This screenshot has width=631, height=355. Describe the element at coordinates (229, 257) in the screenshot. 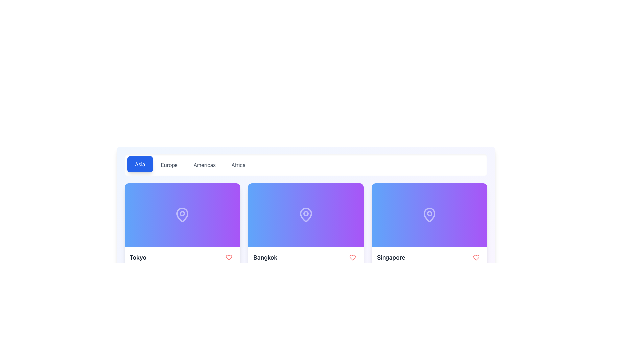

I see `the heart icon located at the bottom-right corner of the 'Bangkok' card to mark the item as favorite` at that location.